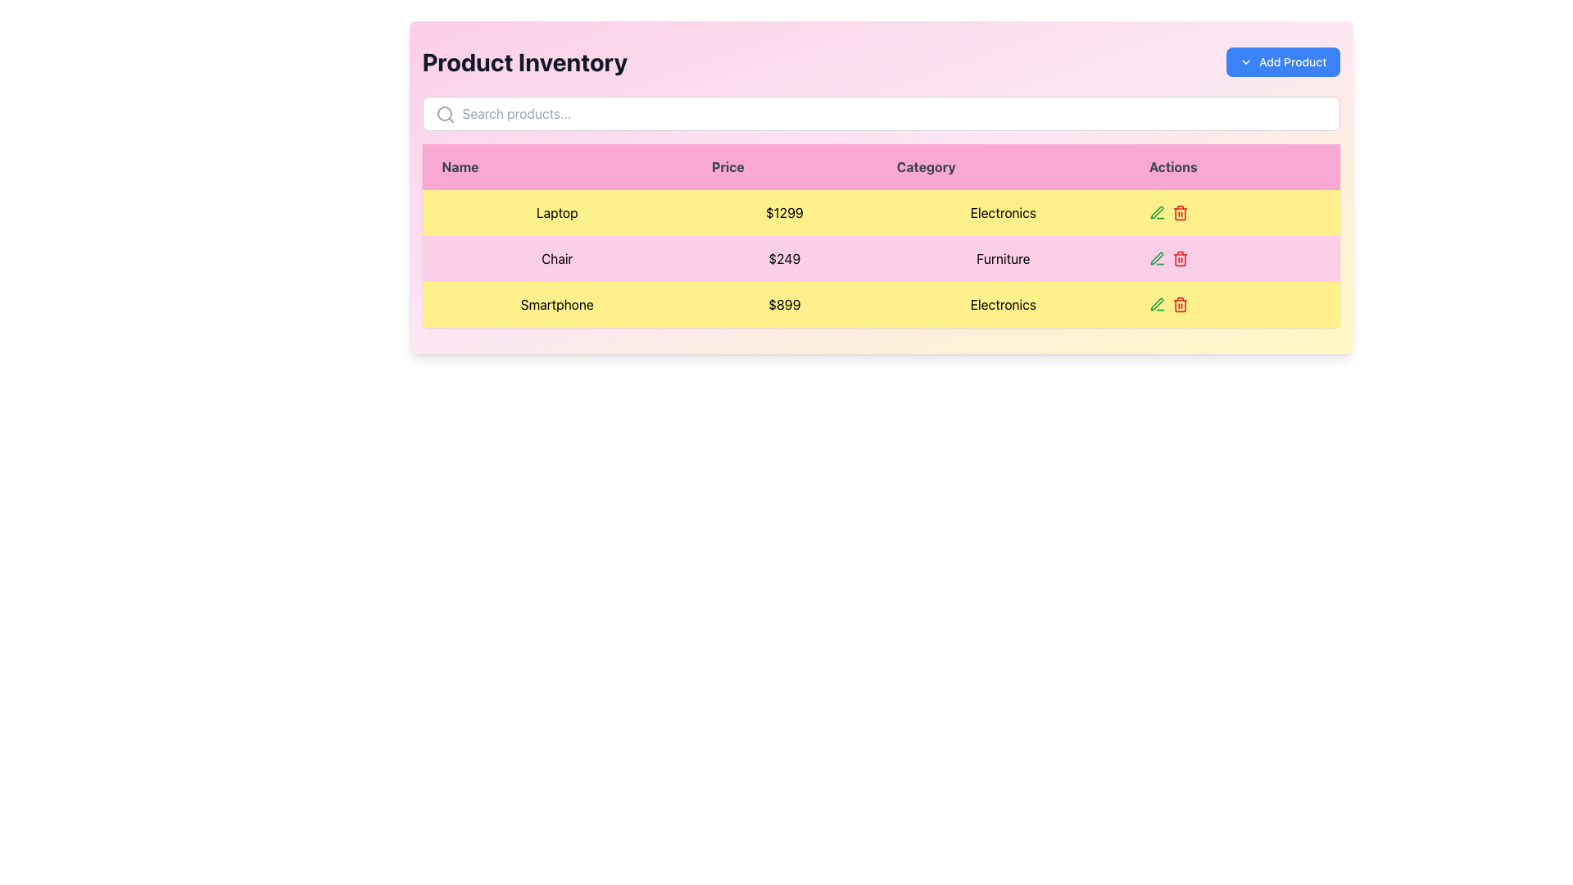 The image size is (1573, 885). What do you see at coordinates (1180, 306) in the screenshot?
I see `the trash bin icon representing the deletion action for the corresponding row in the product table` at bounding box center [1180, 306].